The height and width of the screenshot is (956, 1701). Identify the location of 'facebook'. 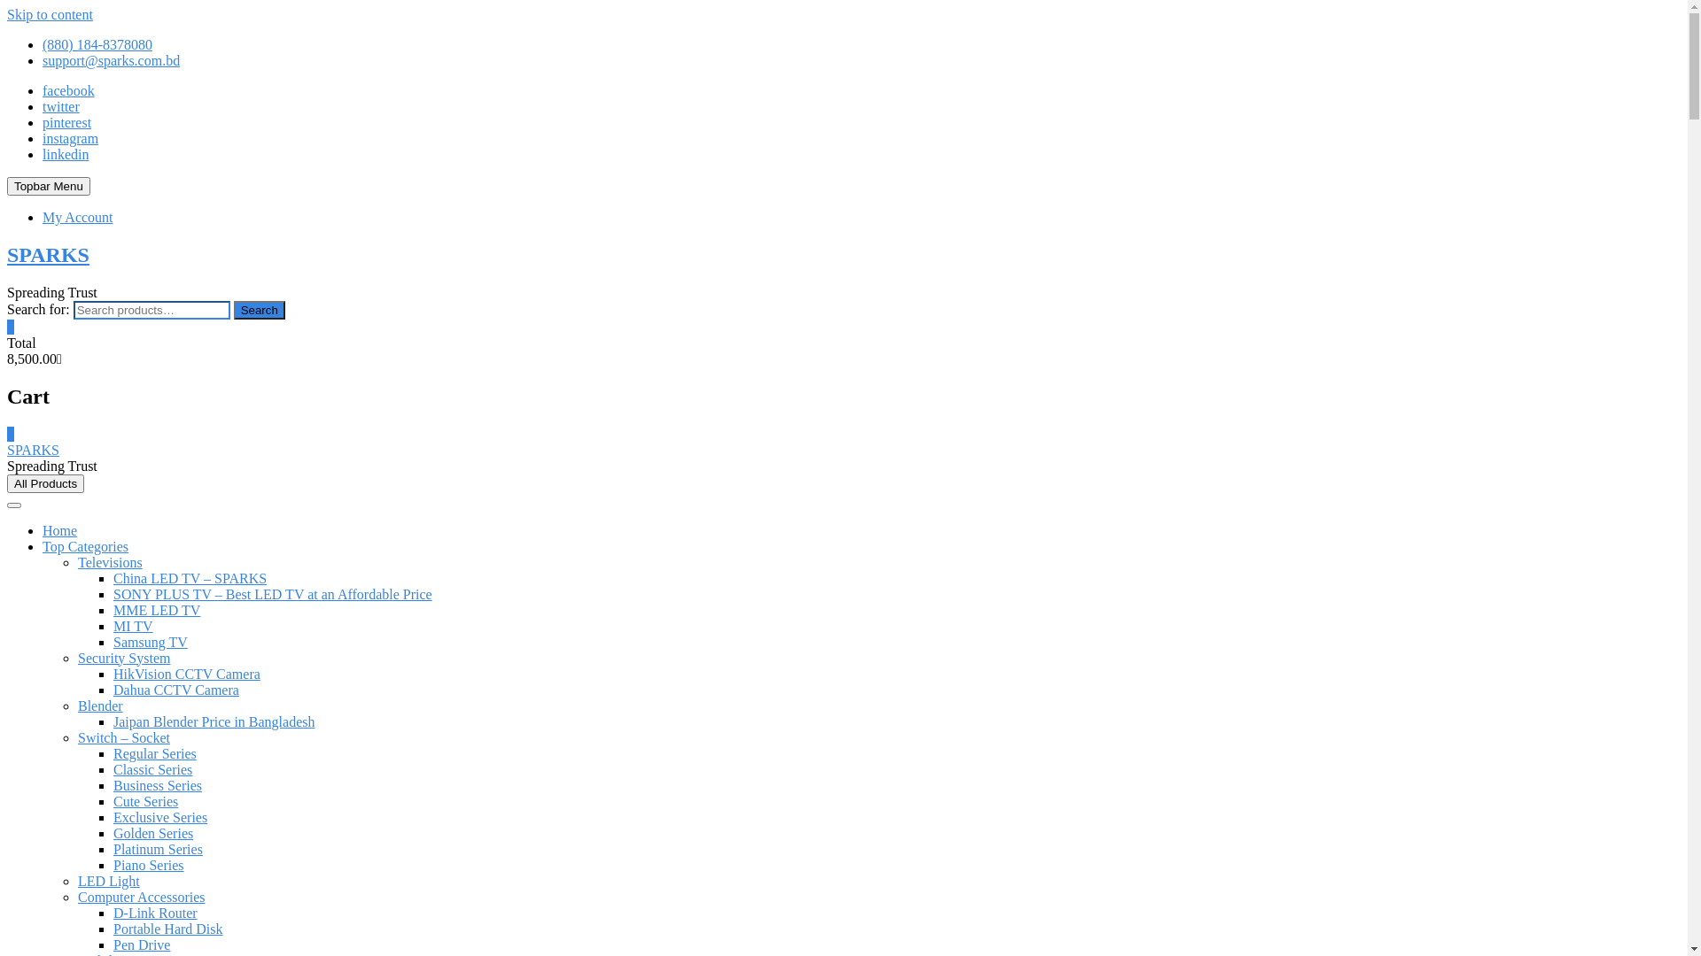
(43, 90).